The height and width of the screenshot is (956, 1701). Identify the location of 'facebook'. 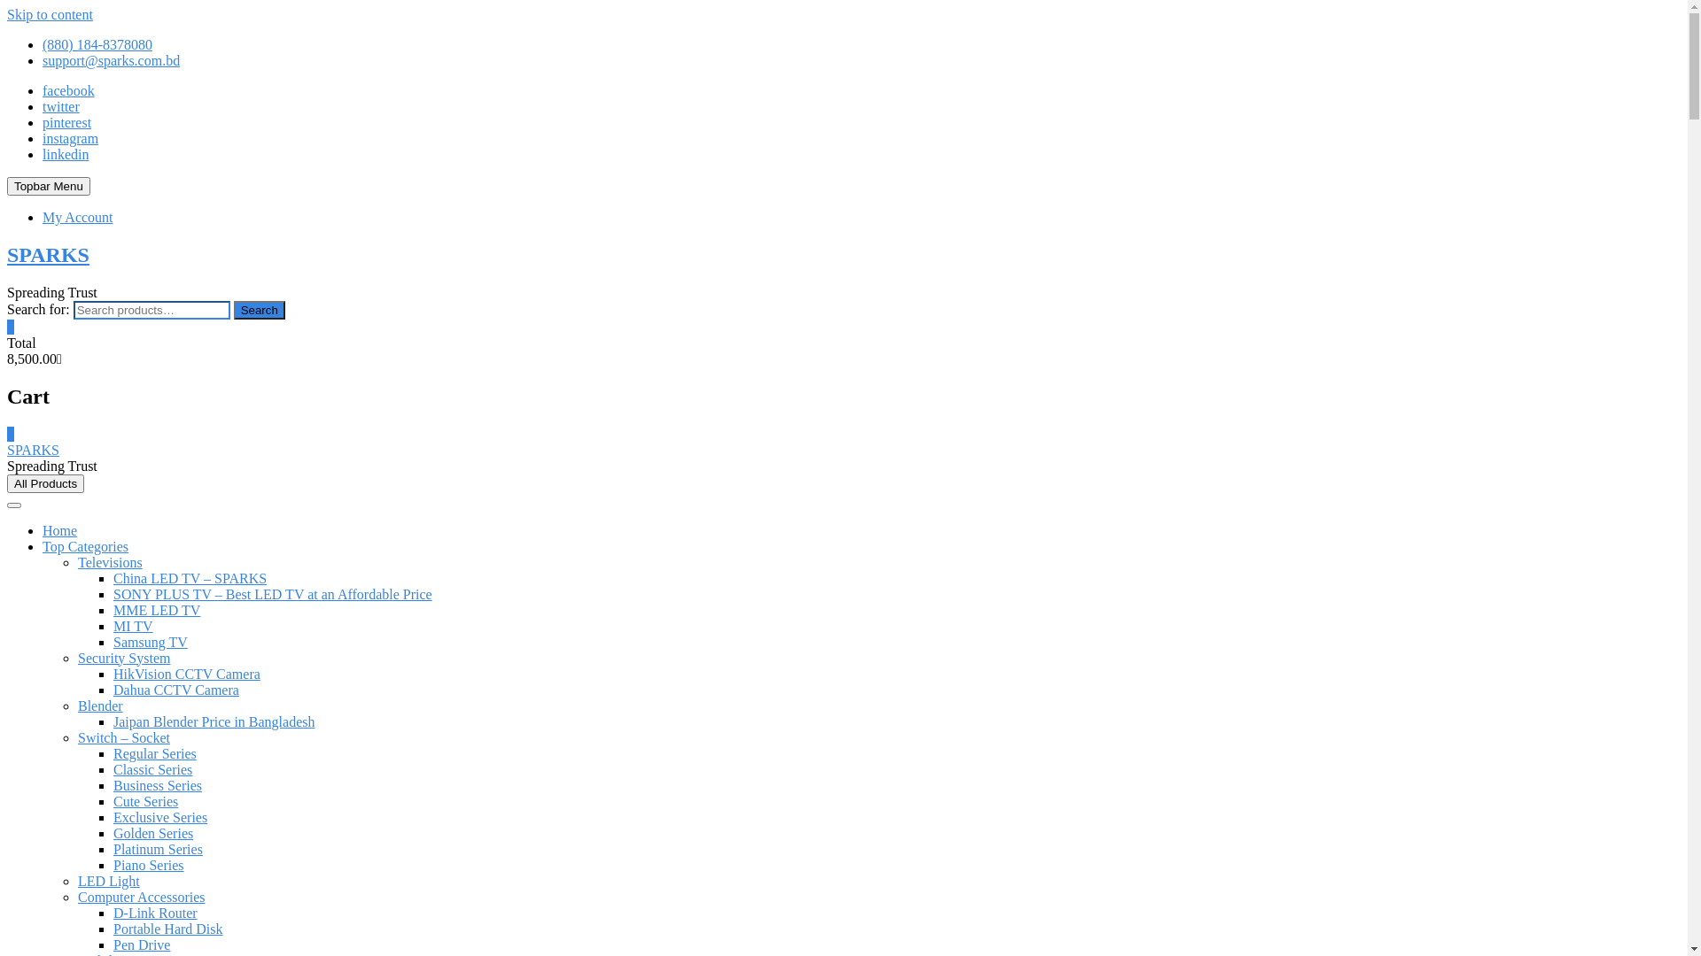
(43, 90).